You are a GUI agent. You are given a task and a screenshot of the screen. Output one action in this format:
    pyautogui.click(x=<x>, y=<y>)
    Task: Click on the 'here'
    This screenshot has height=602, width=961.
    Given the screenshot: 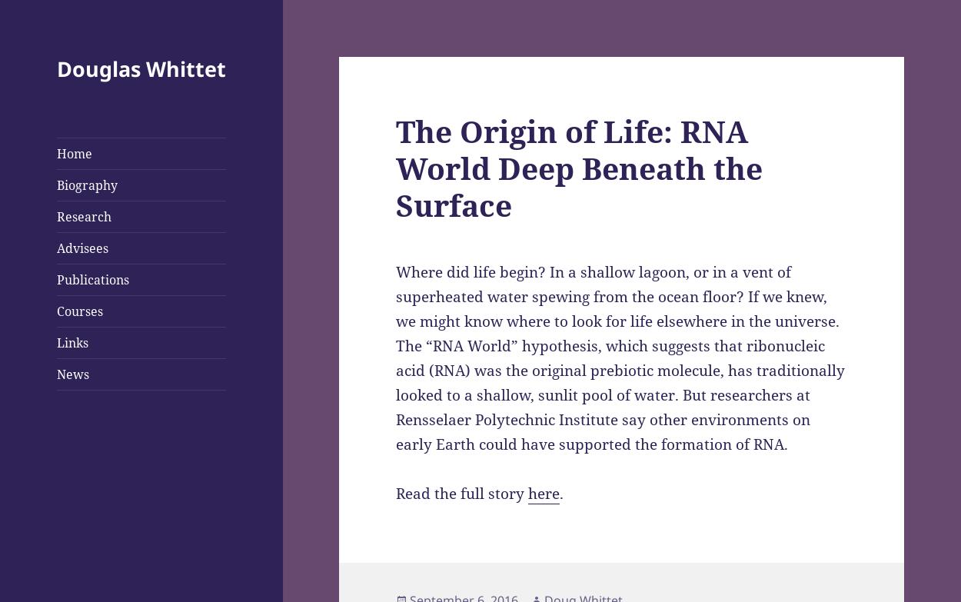 What is the action you would take?
    pyautogui.click(x=542, y=491)
    